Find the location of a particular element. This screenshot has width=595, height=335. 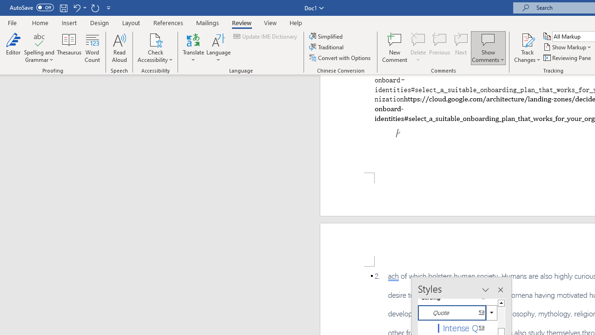

'Show Markup' is located at coordinates (568, 47).